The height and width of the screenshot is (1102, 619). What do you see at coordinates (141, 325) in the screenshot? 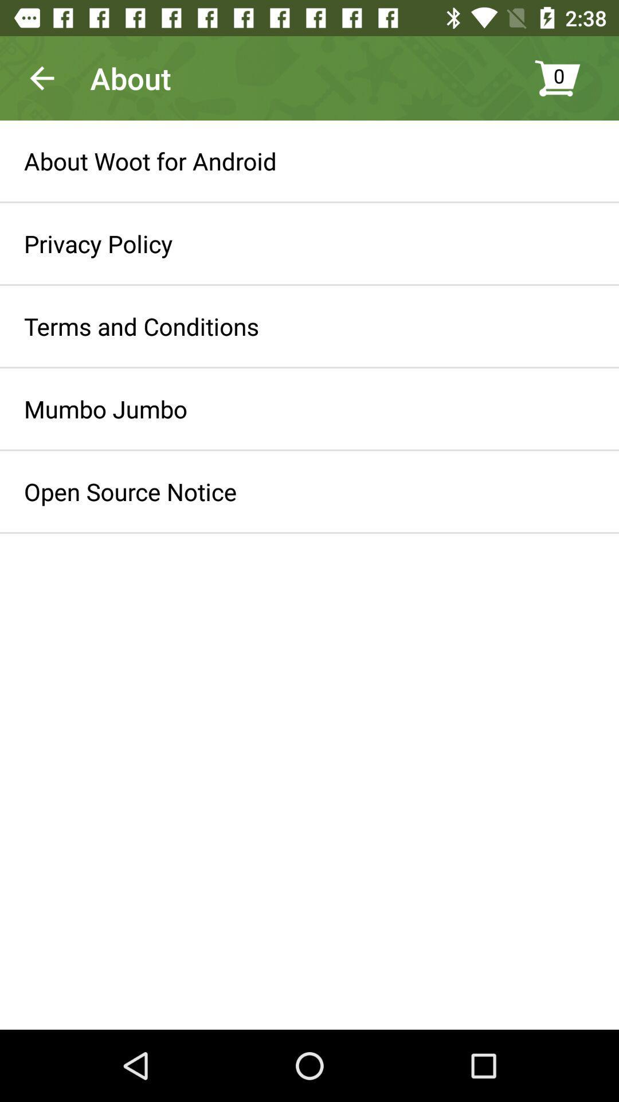
I see `icon above the mumbo jumbo icon` at bounding box center [141, 325].